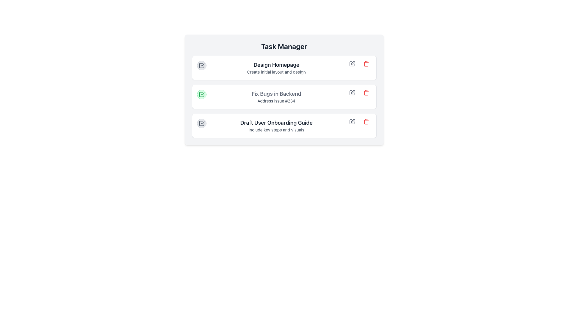 The image size is (568, 319). I want to click on the text label that reads 'Include key steps and visuals', which is styled in gray and positioned below the bold title 'Draft User Onboarding Guide' in the task list, so click(276, 129).